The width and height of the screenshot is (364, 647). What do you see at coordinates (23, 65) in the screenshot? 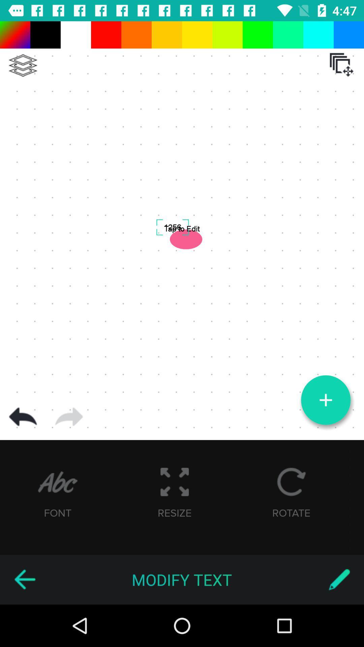
I see `the layers icon` at bounding box center [23, 65].